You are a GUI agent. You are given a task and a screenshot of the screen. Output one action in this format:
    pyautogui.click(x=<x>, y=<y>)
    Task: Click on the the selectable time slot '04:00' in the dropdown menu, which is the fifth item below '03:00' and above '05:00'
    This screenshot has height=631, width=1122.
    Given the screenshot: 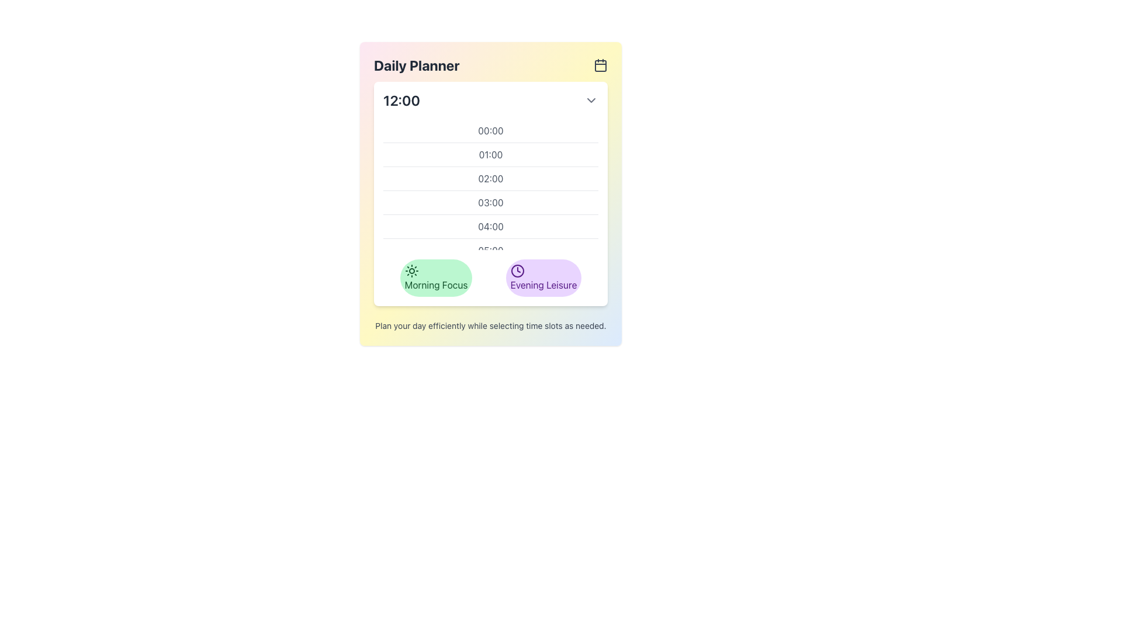 What is the action you would take?
    pyautogui.click(x=491, y=226)
    